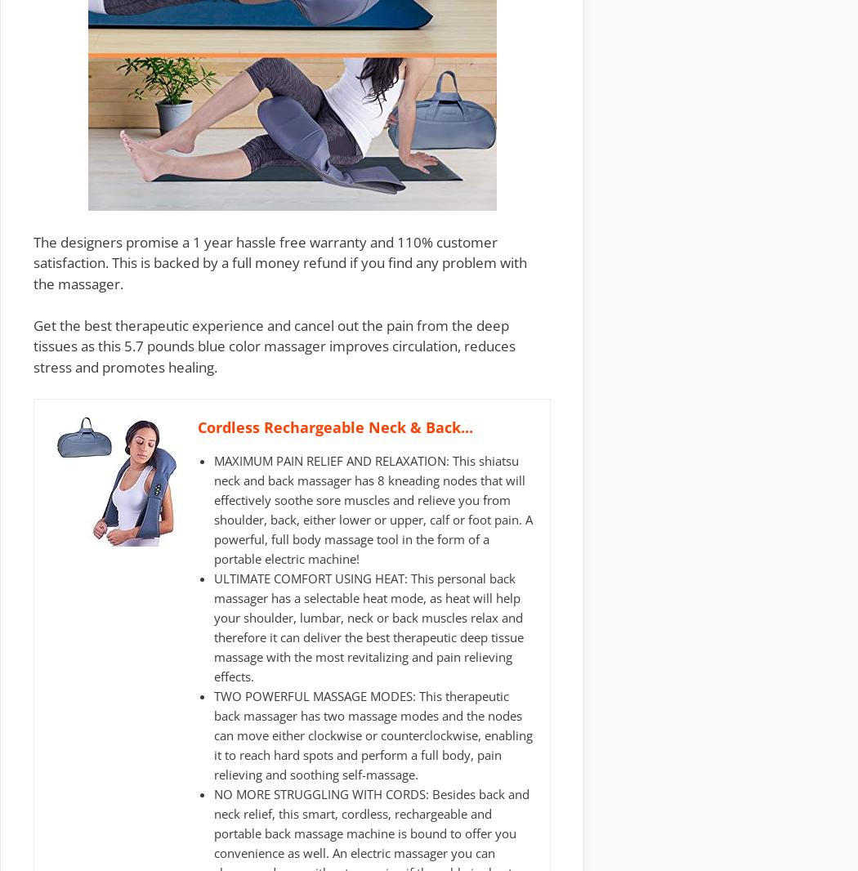 The image size is (858, 871). Describe the element at coordinates (32, 272) in the screenshot. I see `'. This is backed by a full money refund if you find any problem with the massager.'` at that location.